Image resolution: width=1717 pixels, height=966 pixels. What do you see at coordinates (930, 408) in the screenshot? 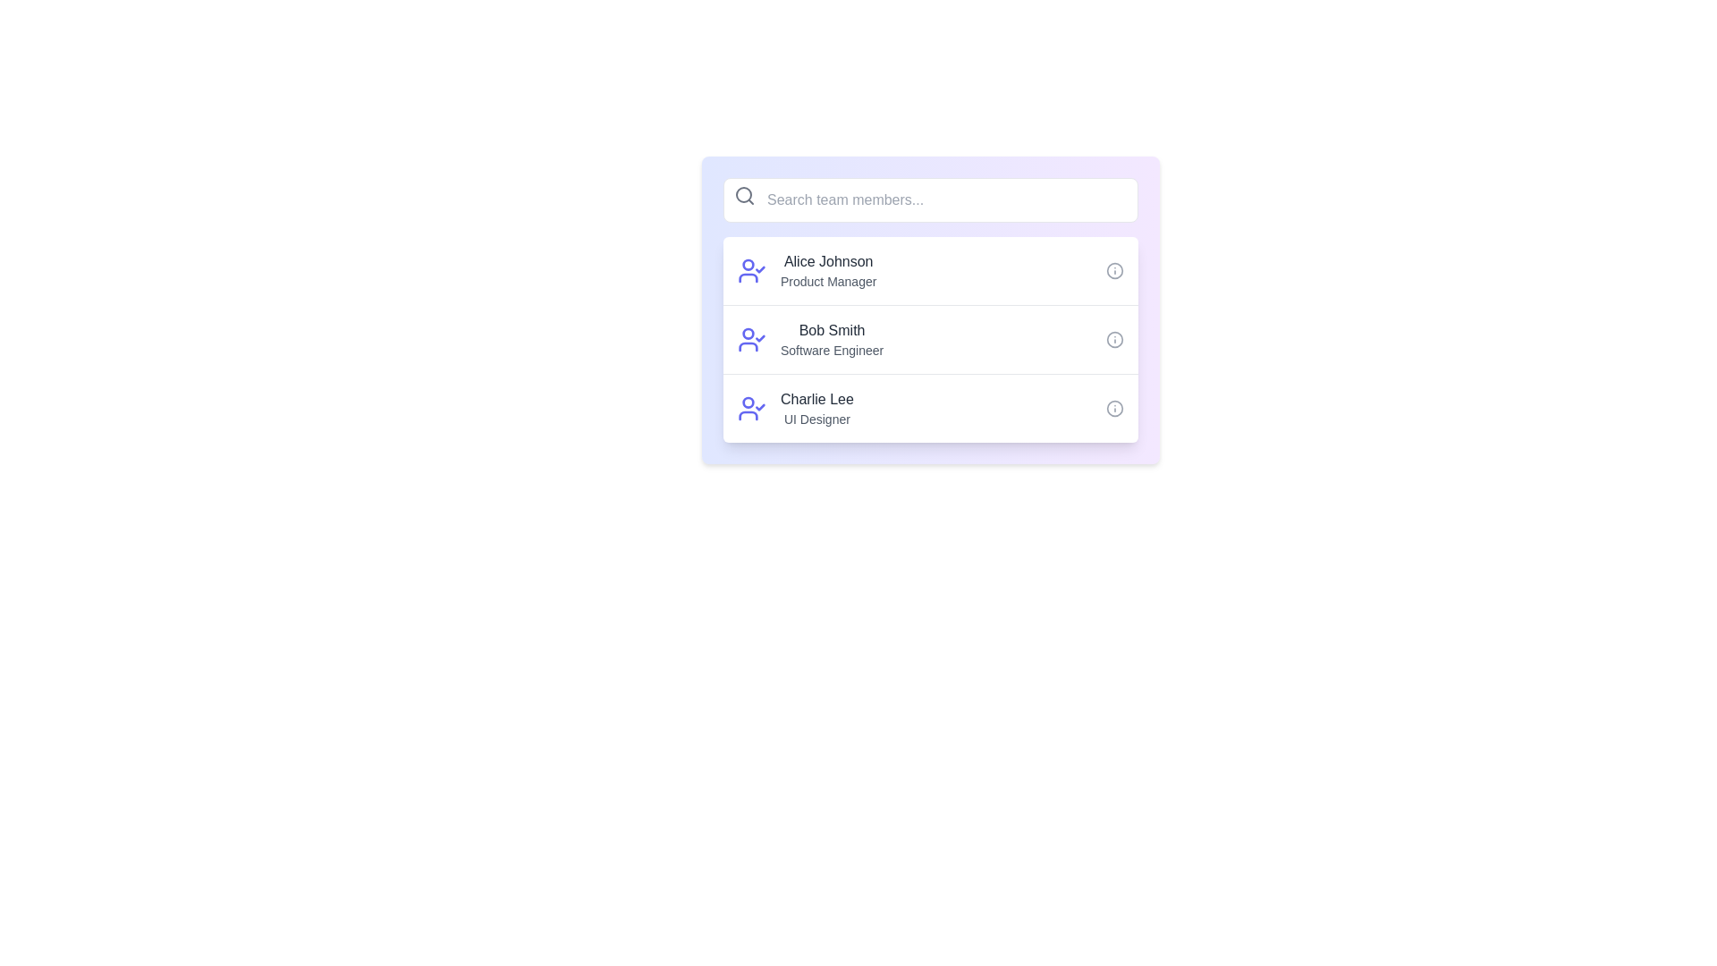
I see `the third card component` at bounding box center [930, 408].